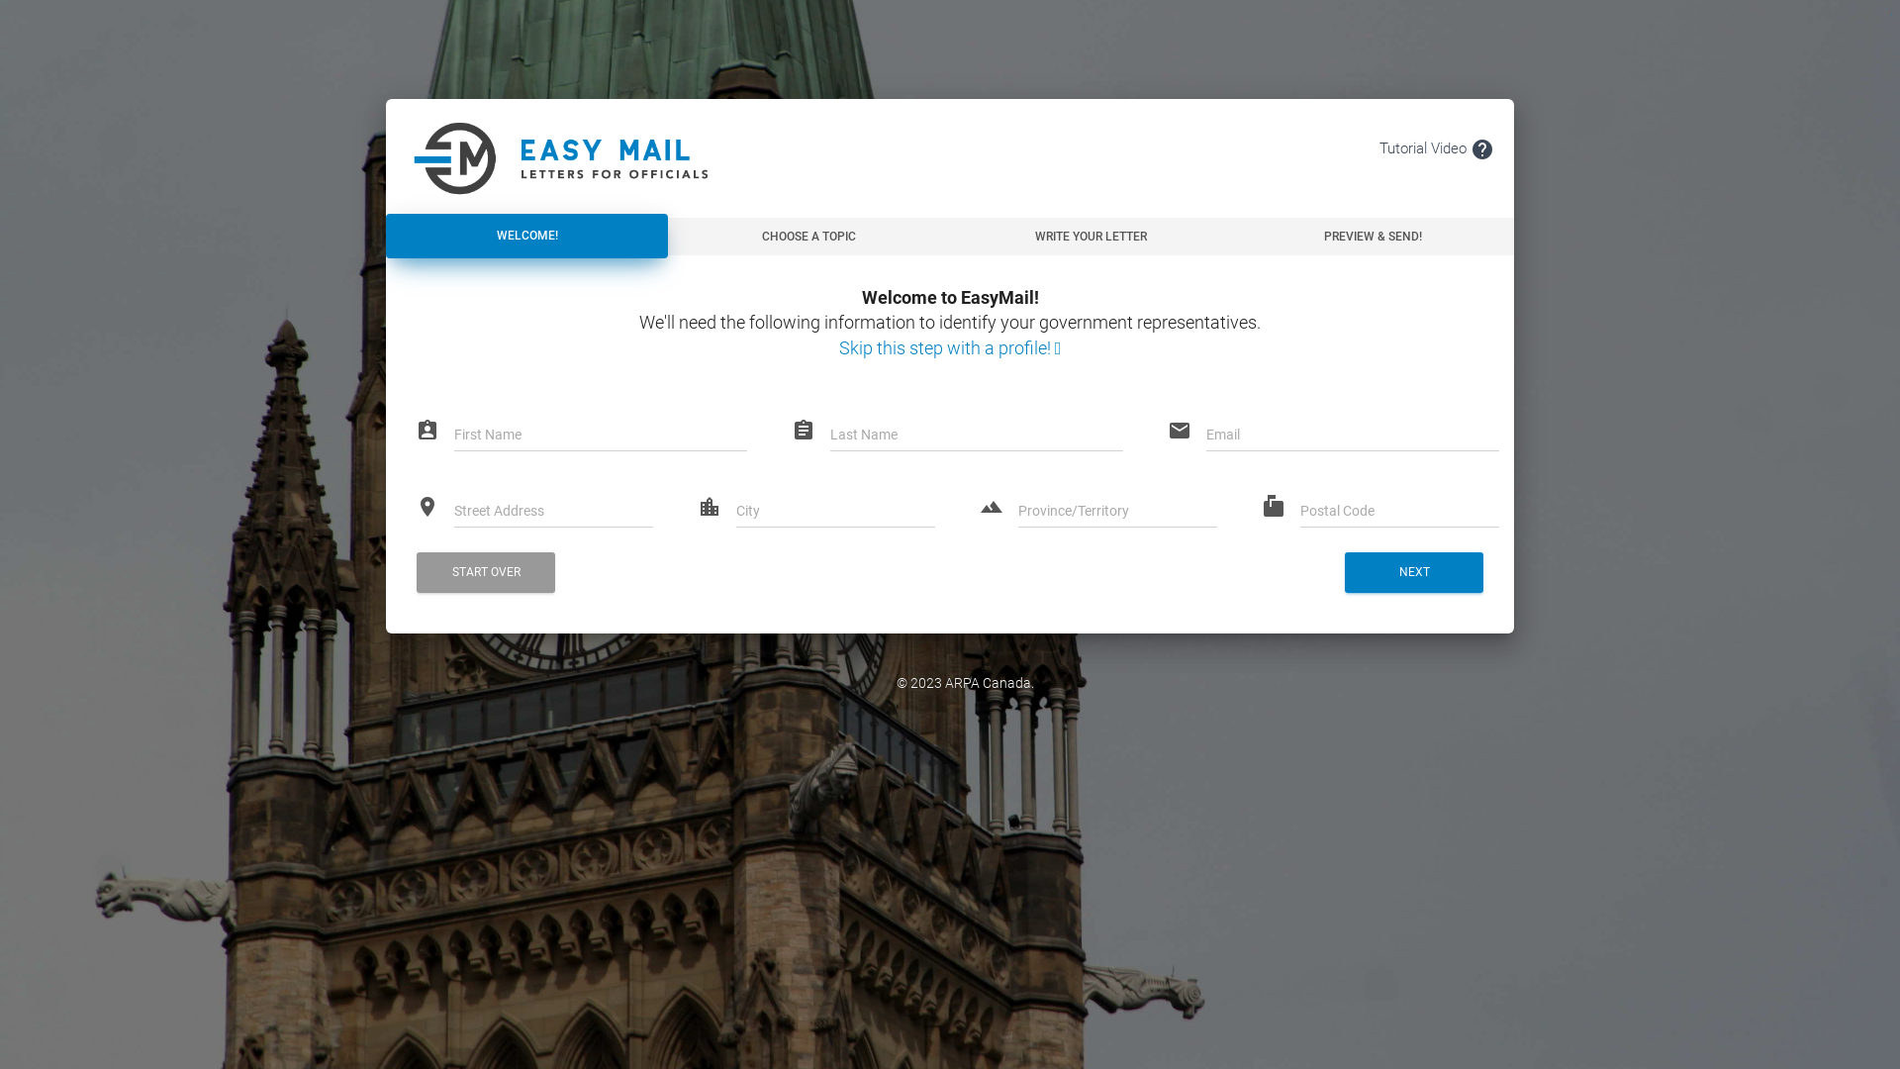  Describe the element at coordinates (943, 682) in the screenshot. I see `'ARPA Canada'` at that location.